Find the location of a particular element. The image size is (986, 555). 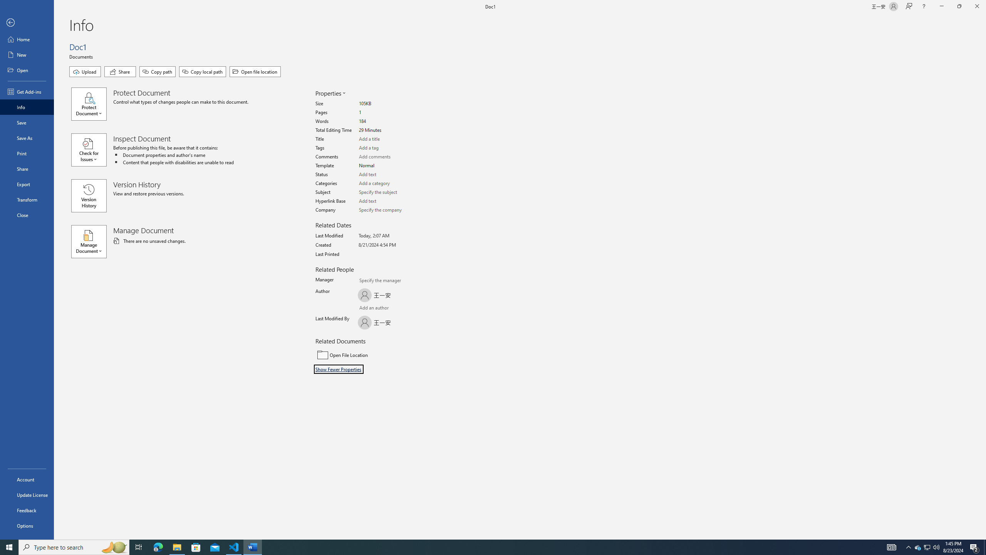

'Upload' is located at coordinates (85, 71).